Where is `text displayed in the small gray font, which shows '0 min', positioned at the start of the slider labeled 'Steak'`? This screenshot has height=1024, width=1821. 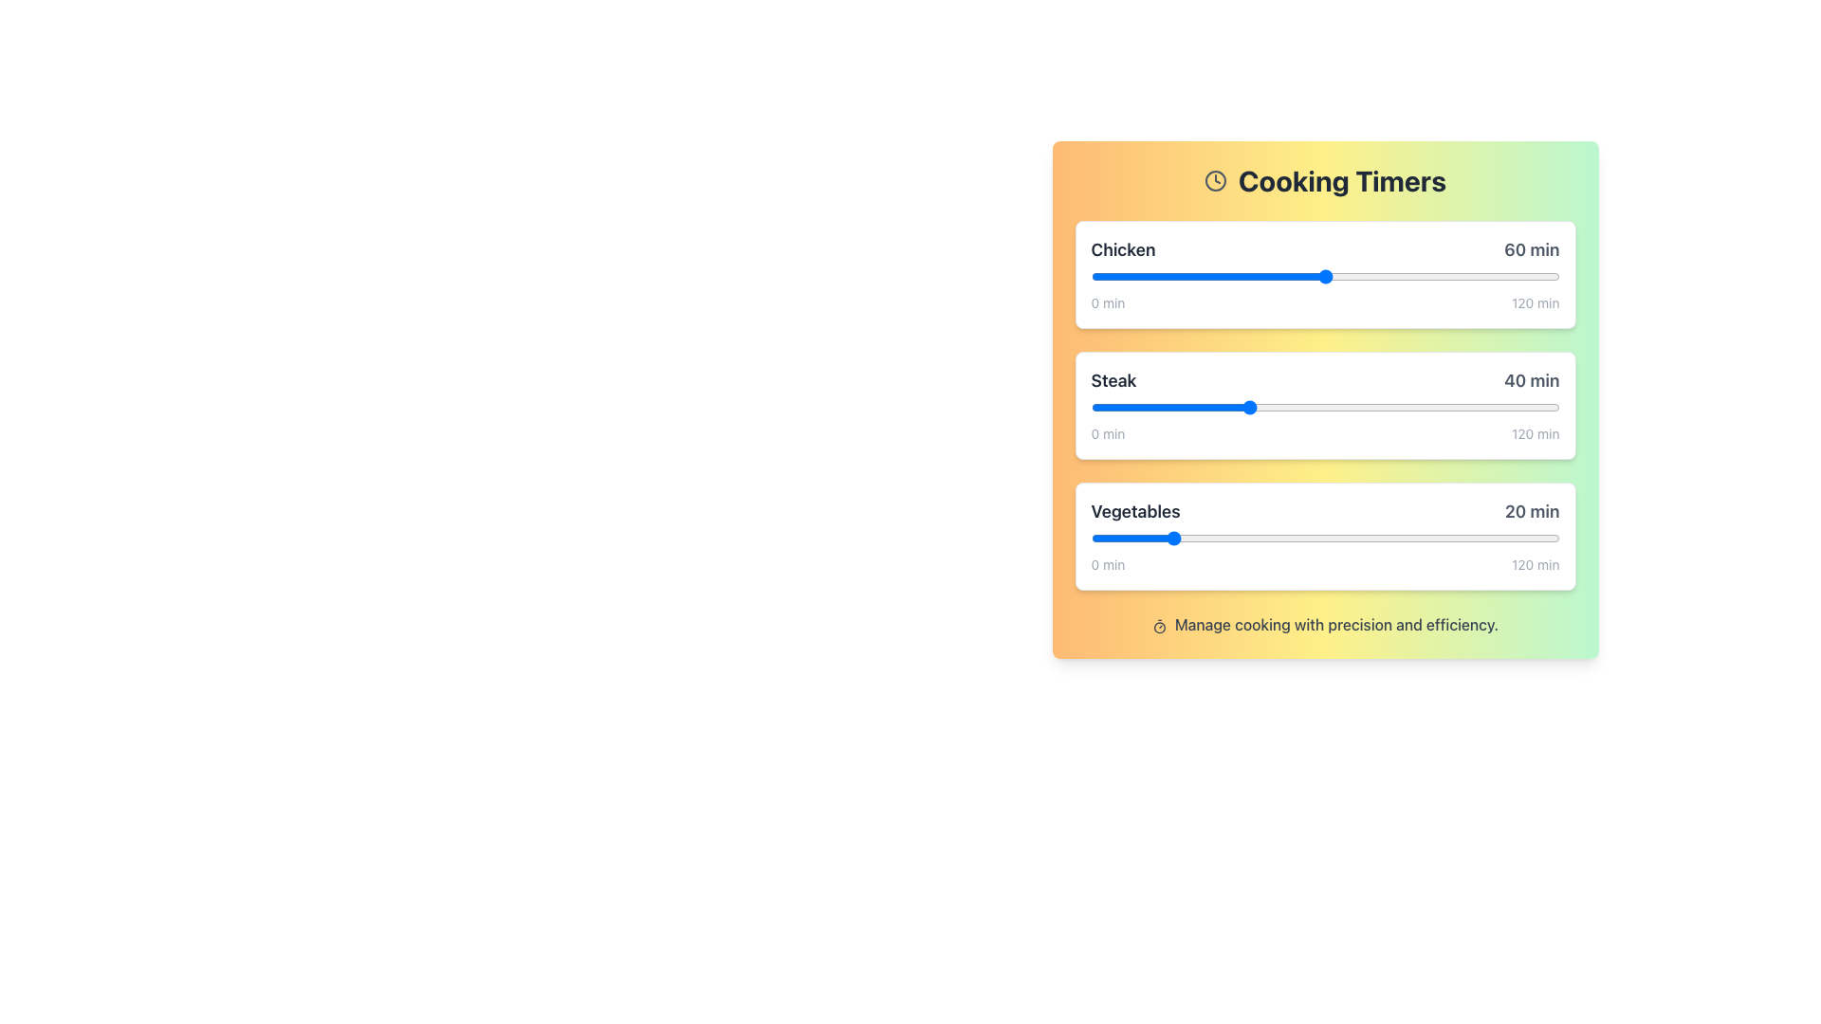 text displayed in the small gray font, which shows '0 min', positioned at the start of the slider labeled 'Steak' is located at coordinates (1108, 434).